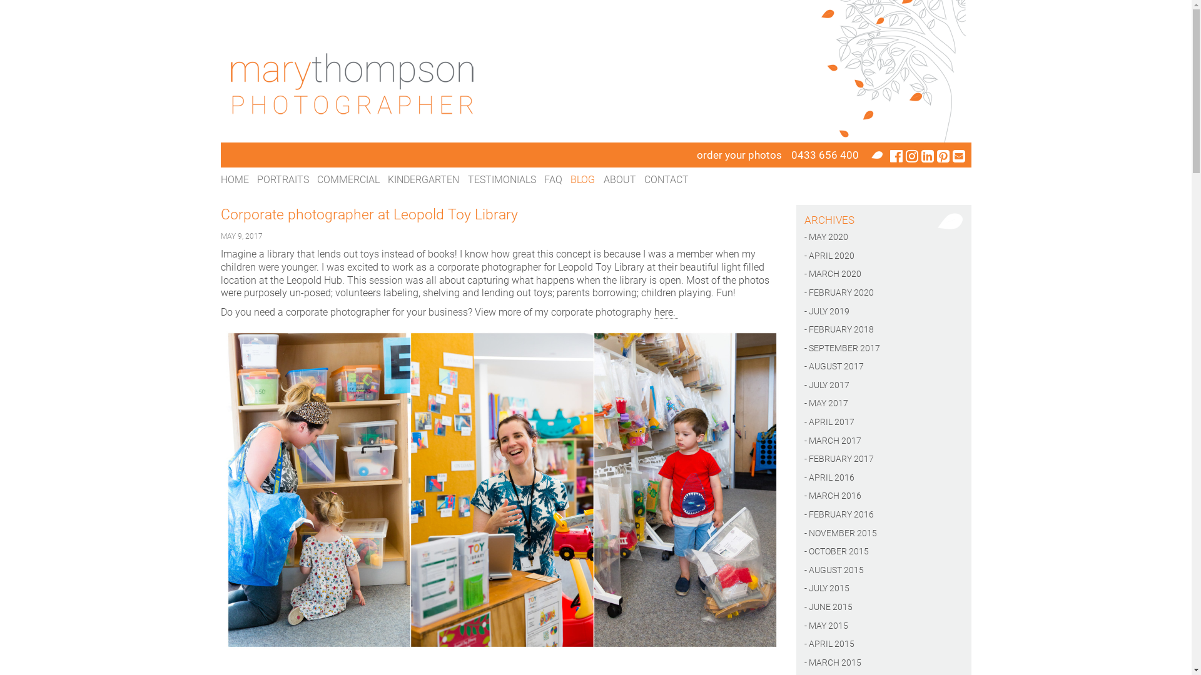 The height and width of the screenshot is (675, 1201). I want to click on 'MARCH 2016', so click(883, 496).